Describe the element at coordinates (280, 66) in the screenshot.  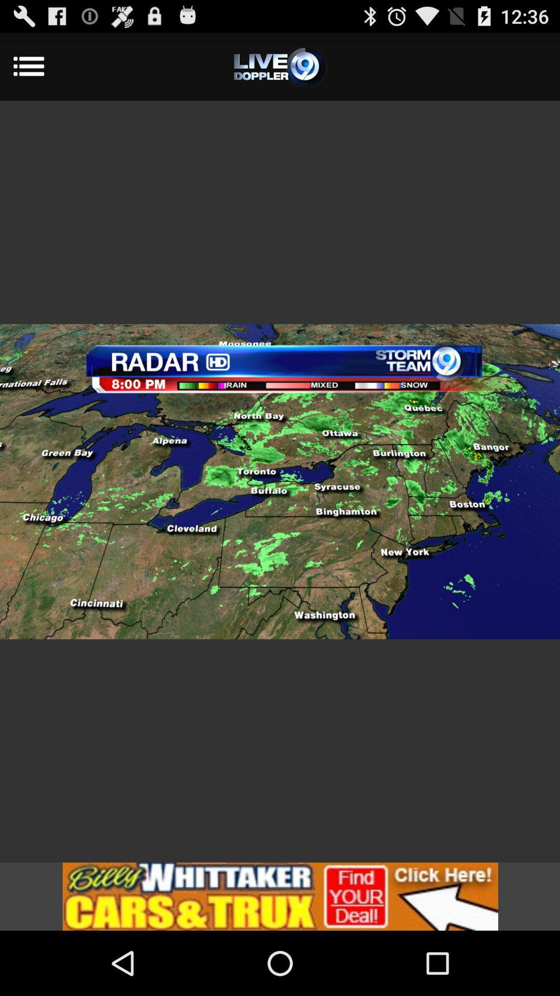
I see `the icon at the top` at that location.